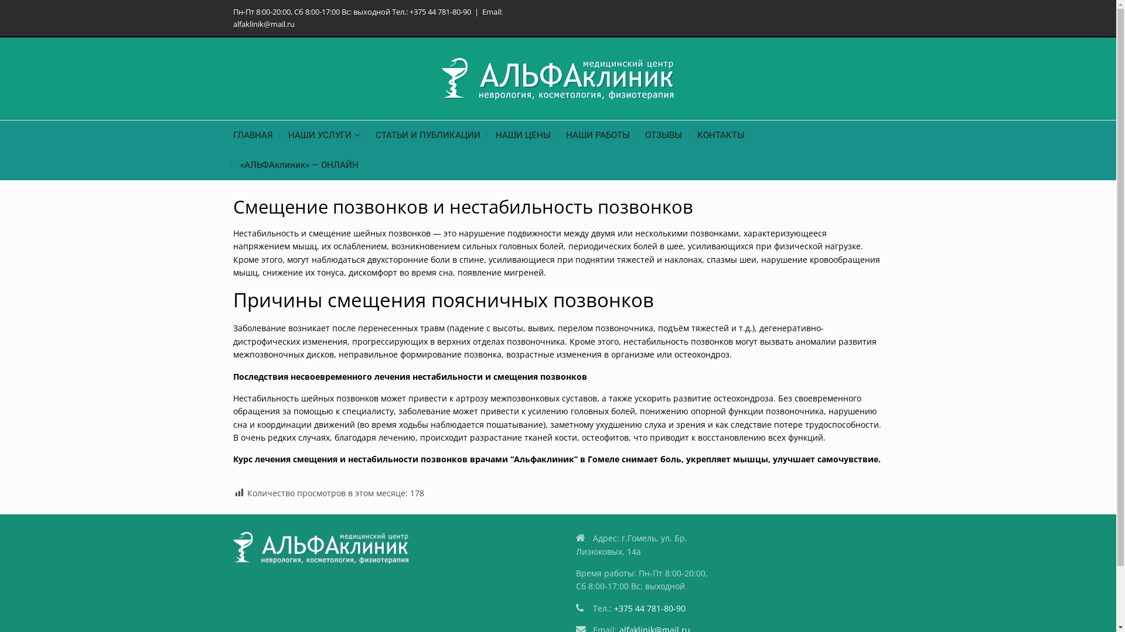 Image resolution: width=1125 pixels, height=632 pixels. Describe the element at coordinates (649, 607) in the screenshot. I see `'+375 44 781-80-90'` at that location.